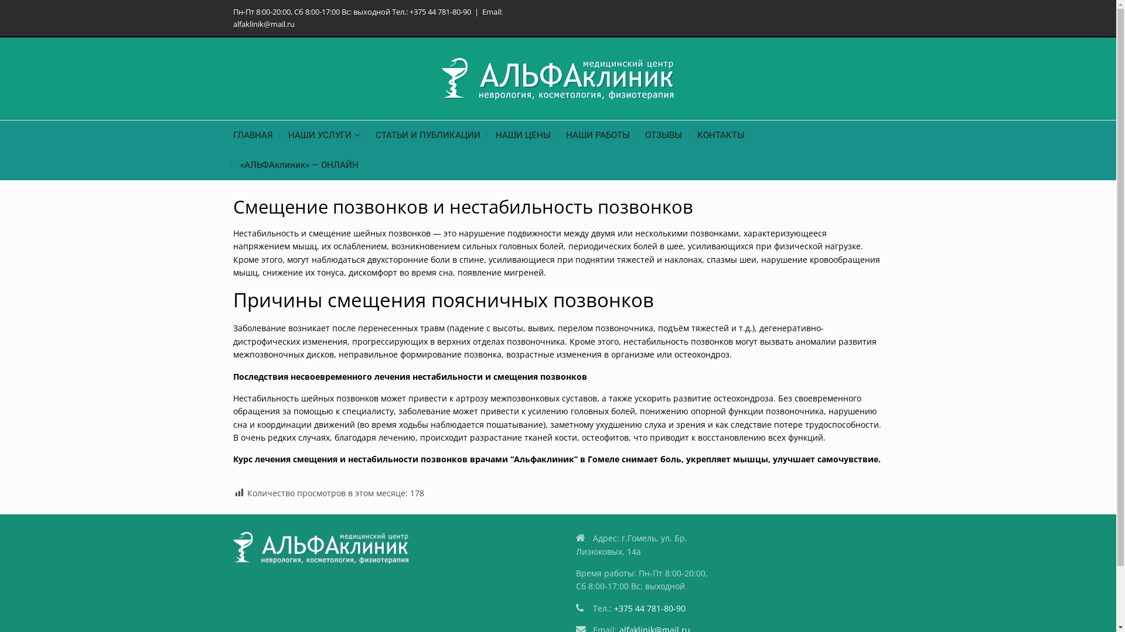 Image resolution: width=1125 pixels, height=632 pixels. Describe the element at coordinates (649, 607) in the screenshot. I see `'+375 44 781-80-90'` at that location.